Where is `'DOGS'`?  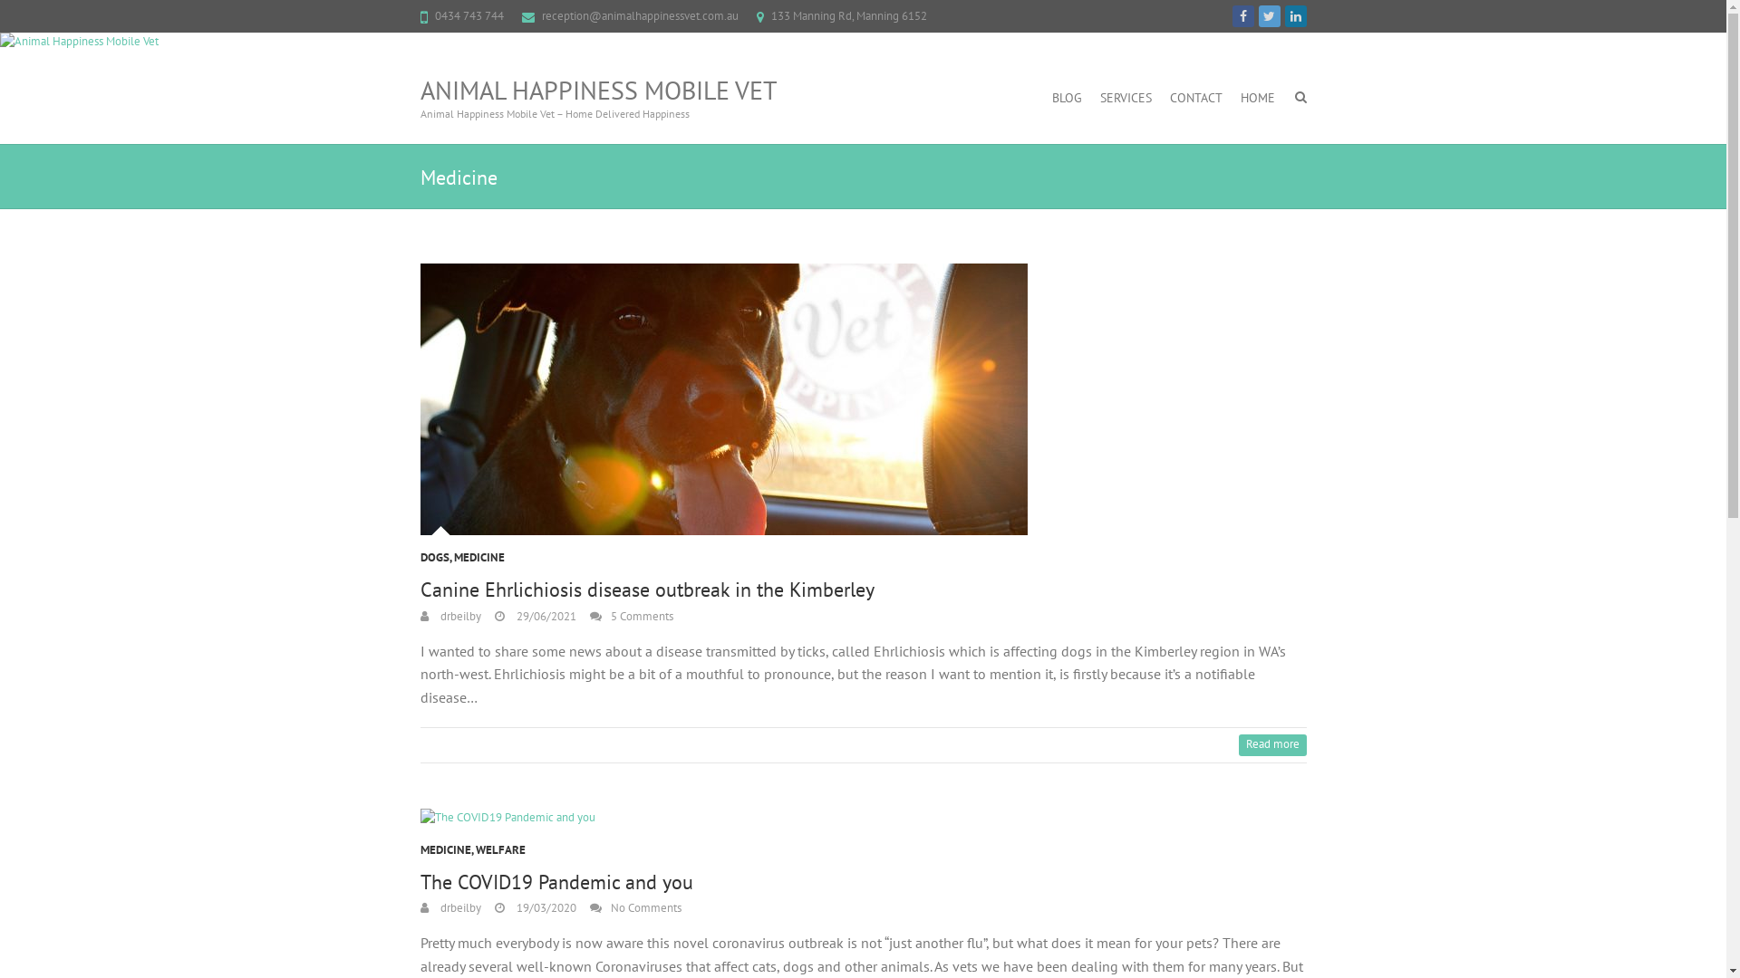
'DOGS' is located at coordinates (435, 561).